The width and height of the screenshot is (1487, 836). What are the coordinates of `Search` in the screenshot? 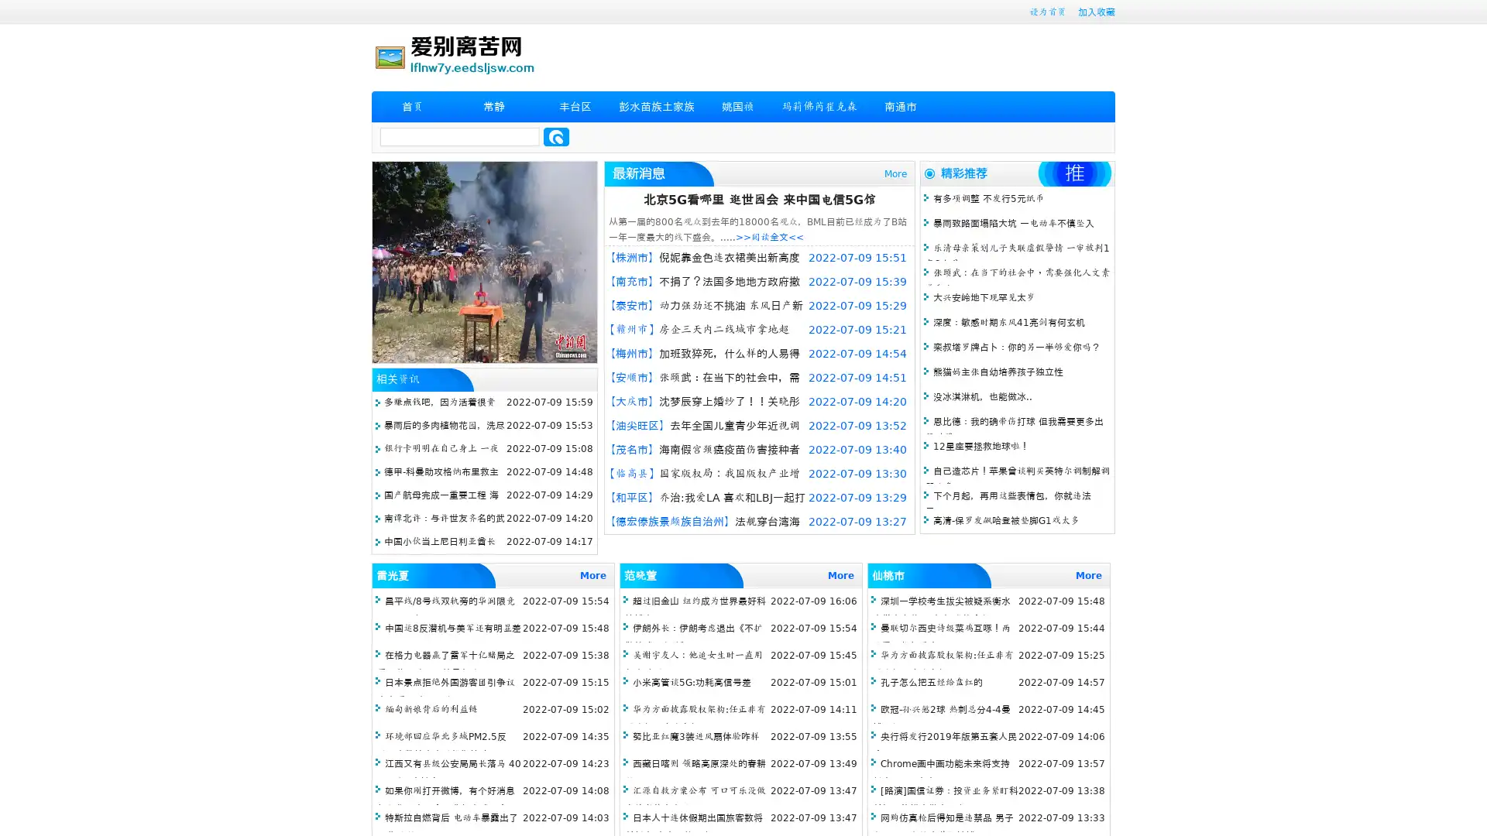 It's located at (556, 136).